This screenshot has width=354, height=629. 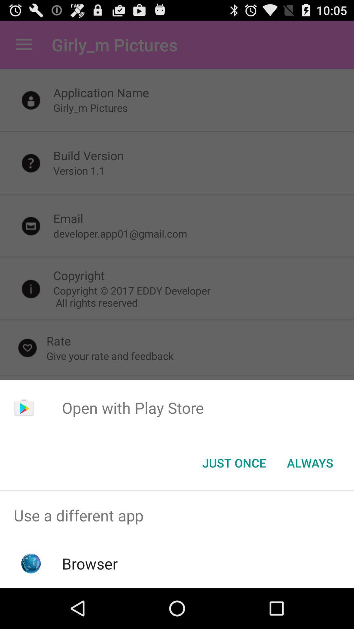 What do you see at coordinates (234, 462) in the screenshot?
I see `item below the open with play` at bounding box center [234, 462].